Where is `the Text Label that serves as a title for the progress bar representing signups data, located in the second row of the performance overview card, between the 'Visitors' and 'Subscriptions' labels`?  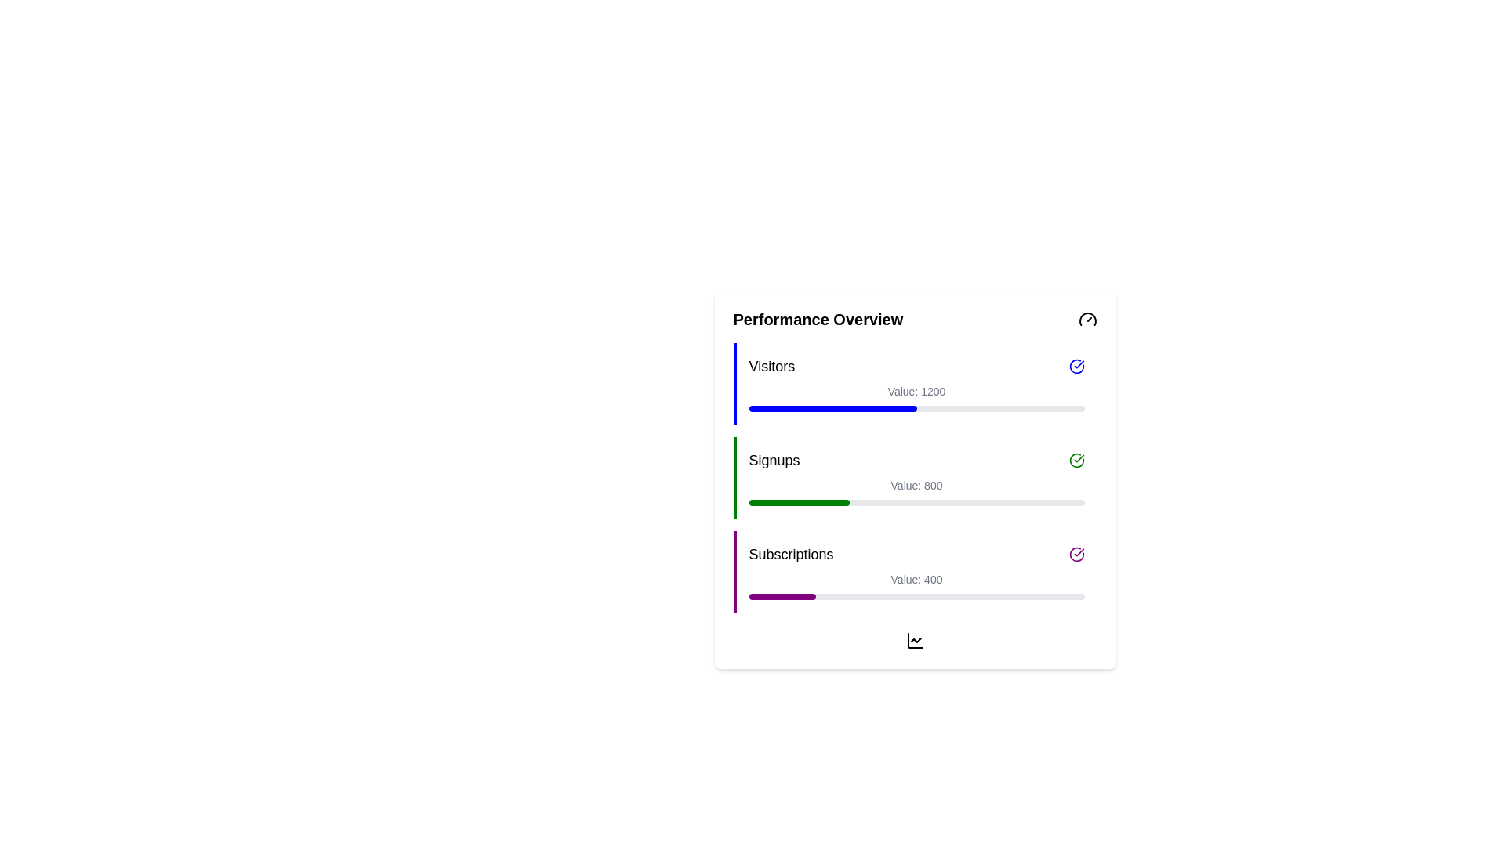
the Text Label that serves as a title for the progress bar representing signups data, located in the second row of the performance overview card, between the 'Visitors' and 'Subscriptions' labels is located at coordinates (774, 459).